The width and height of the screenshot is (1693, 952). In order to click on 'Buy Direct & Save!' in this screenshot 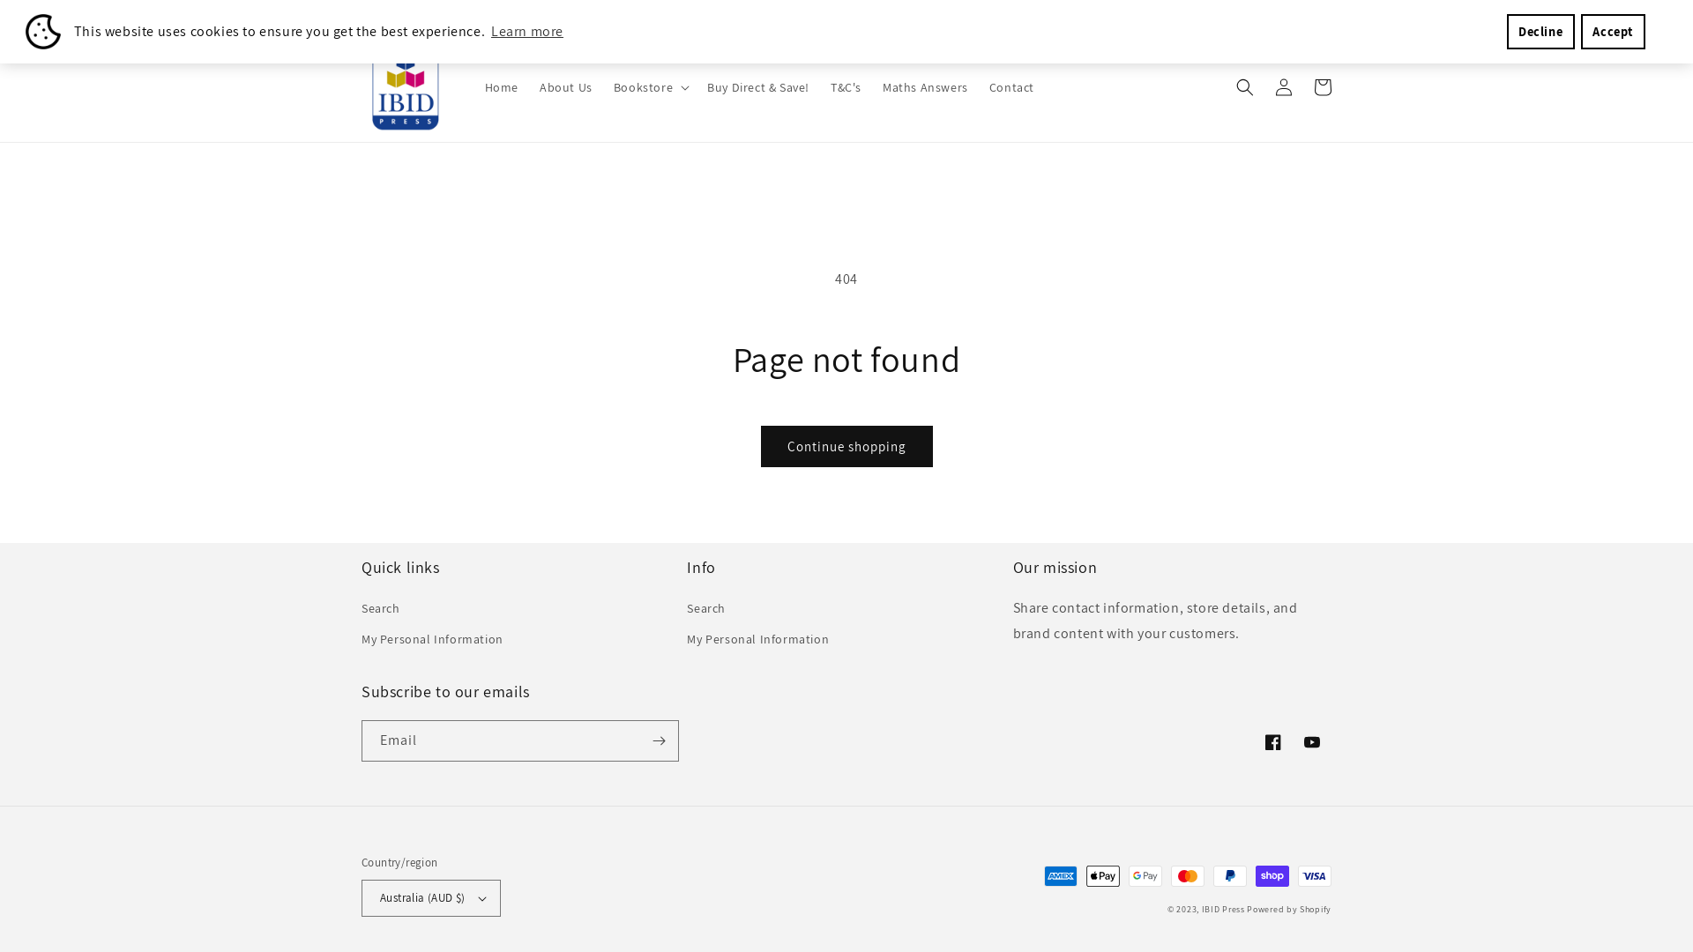, I will do `click(757, 87)`.